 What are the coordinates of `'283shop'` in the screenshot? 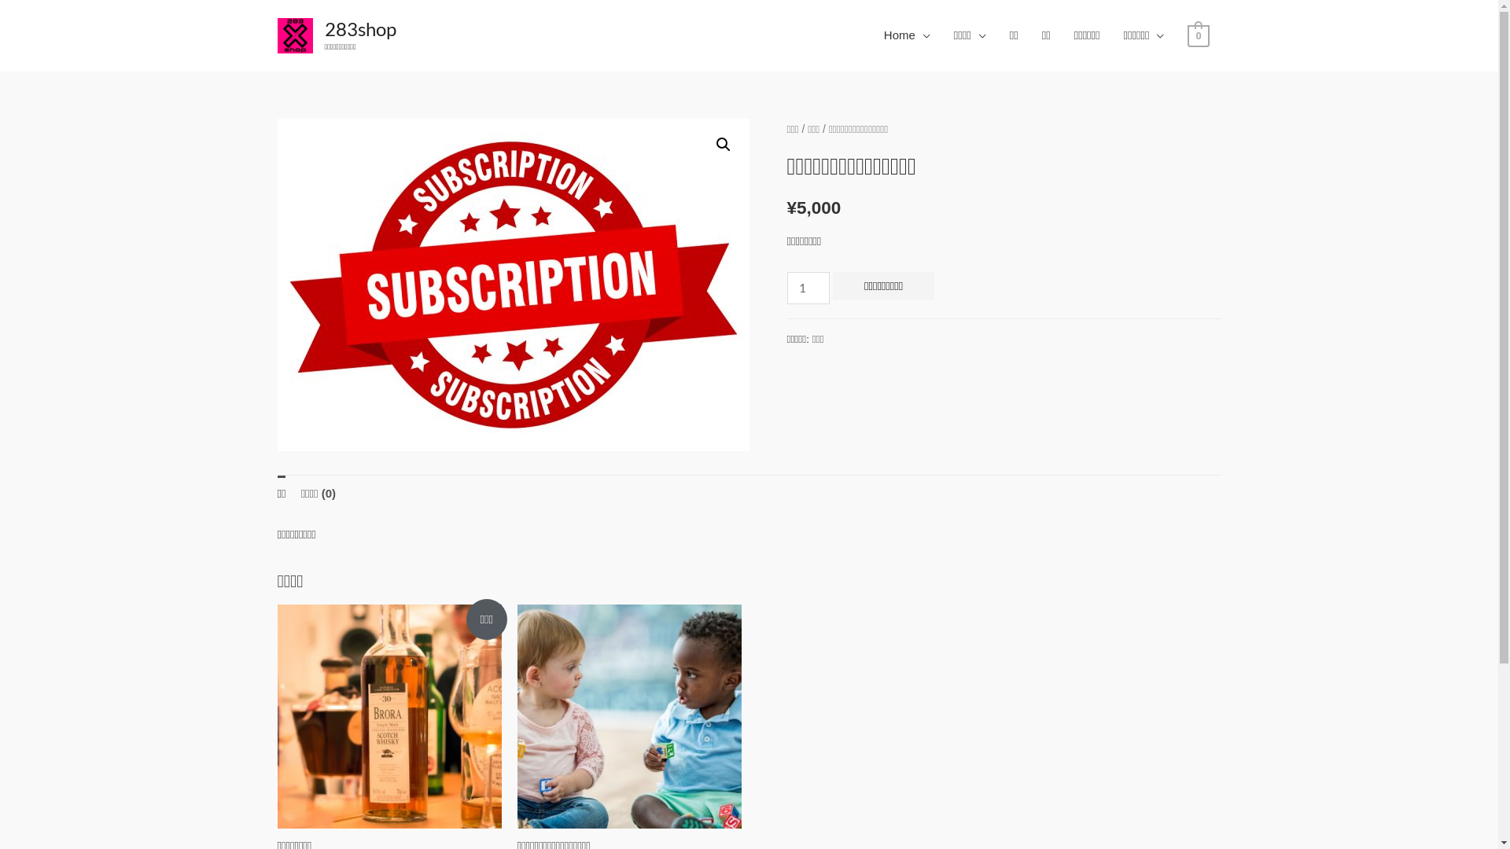 It's located at (359, 28).